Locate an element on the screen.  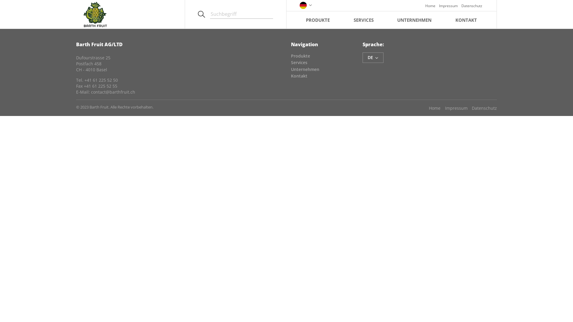
'DE' is located at coordinates (372, 58).